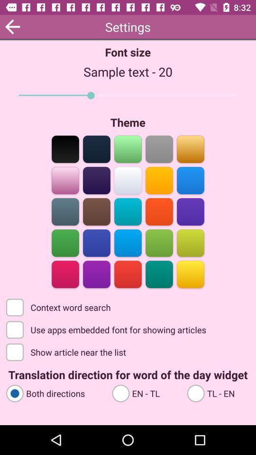  What do you see at coordinates (159, 211) in the screenshot?
I see `color scheme selection red` at bounding box center [159, 211].